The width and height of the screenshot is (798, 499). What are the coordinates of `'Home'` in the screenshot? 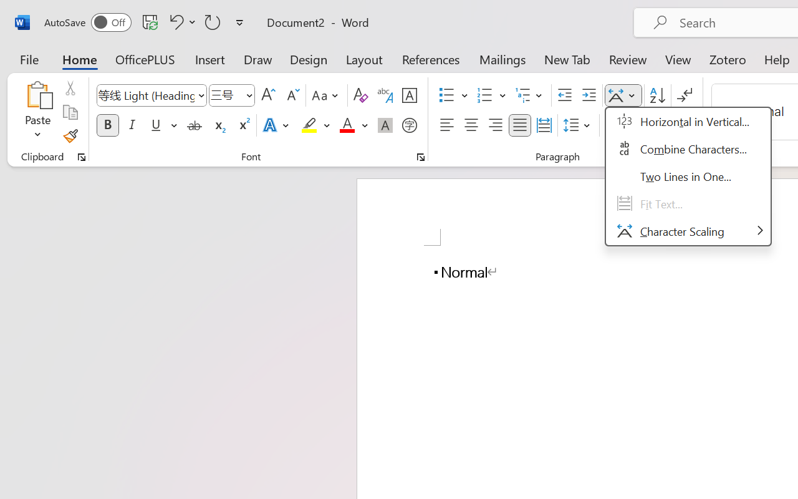 It's located at (79, 59).